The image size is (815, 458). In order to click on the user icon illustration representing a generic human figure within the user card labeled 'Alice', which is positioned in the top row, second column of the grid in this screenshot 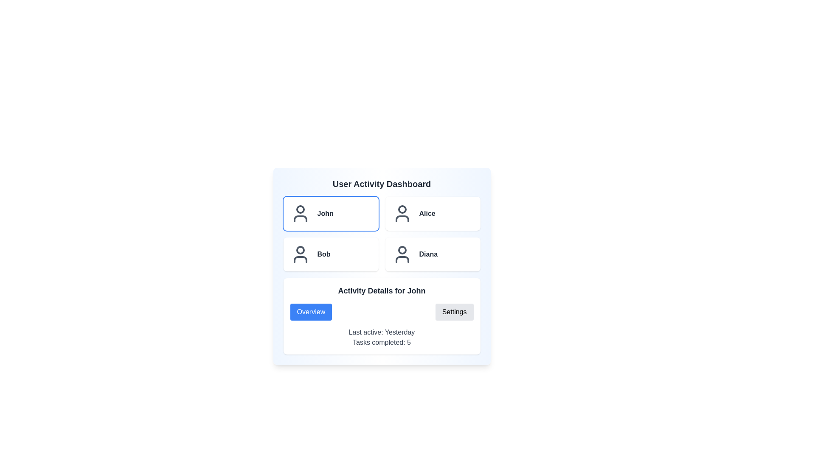, I will do `click(402, 213)`.